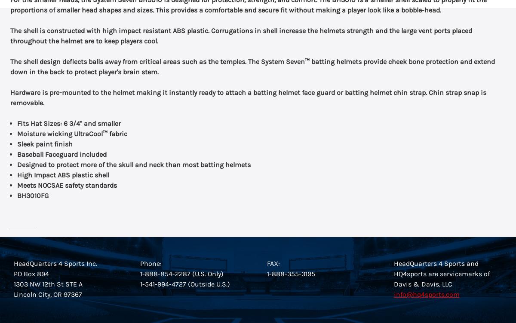 This screenshot has width=516, height=323. What do you see at coordinates (273, 263) in the screenshot?
I see `'FAX:'` at bounding box center [273, 263].